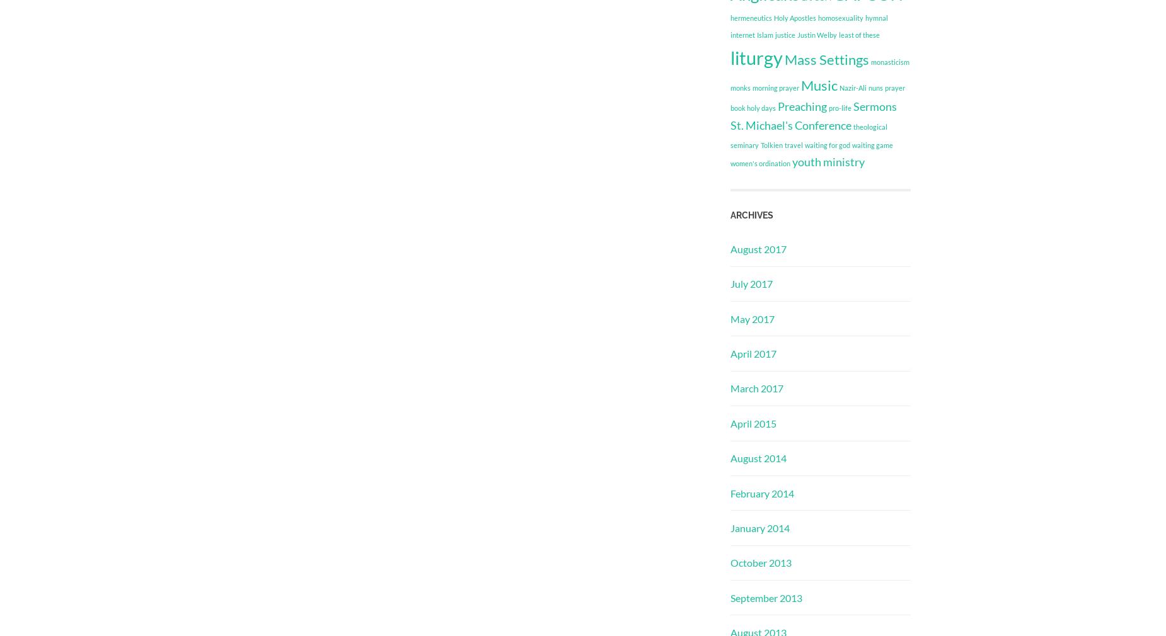  I want to click on 'Islam', so click(764, 34).